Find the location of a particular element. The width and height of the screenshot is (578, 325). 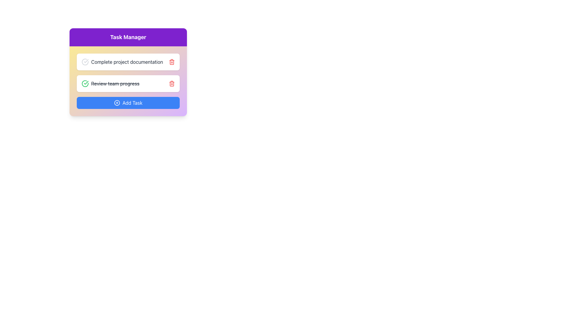

the red trash bin icon button located at the far right of the second task card labeled 'Review team progress' is located at coordinates (172, 83).